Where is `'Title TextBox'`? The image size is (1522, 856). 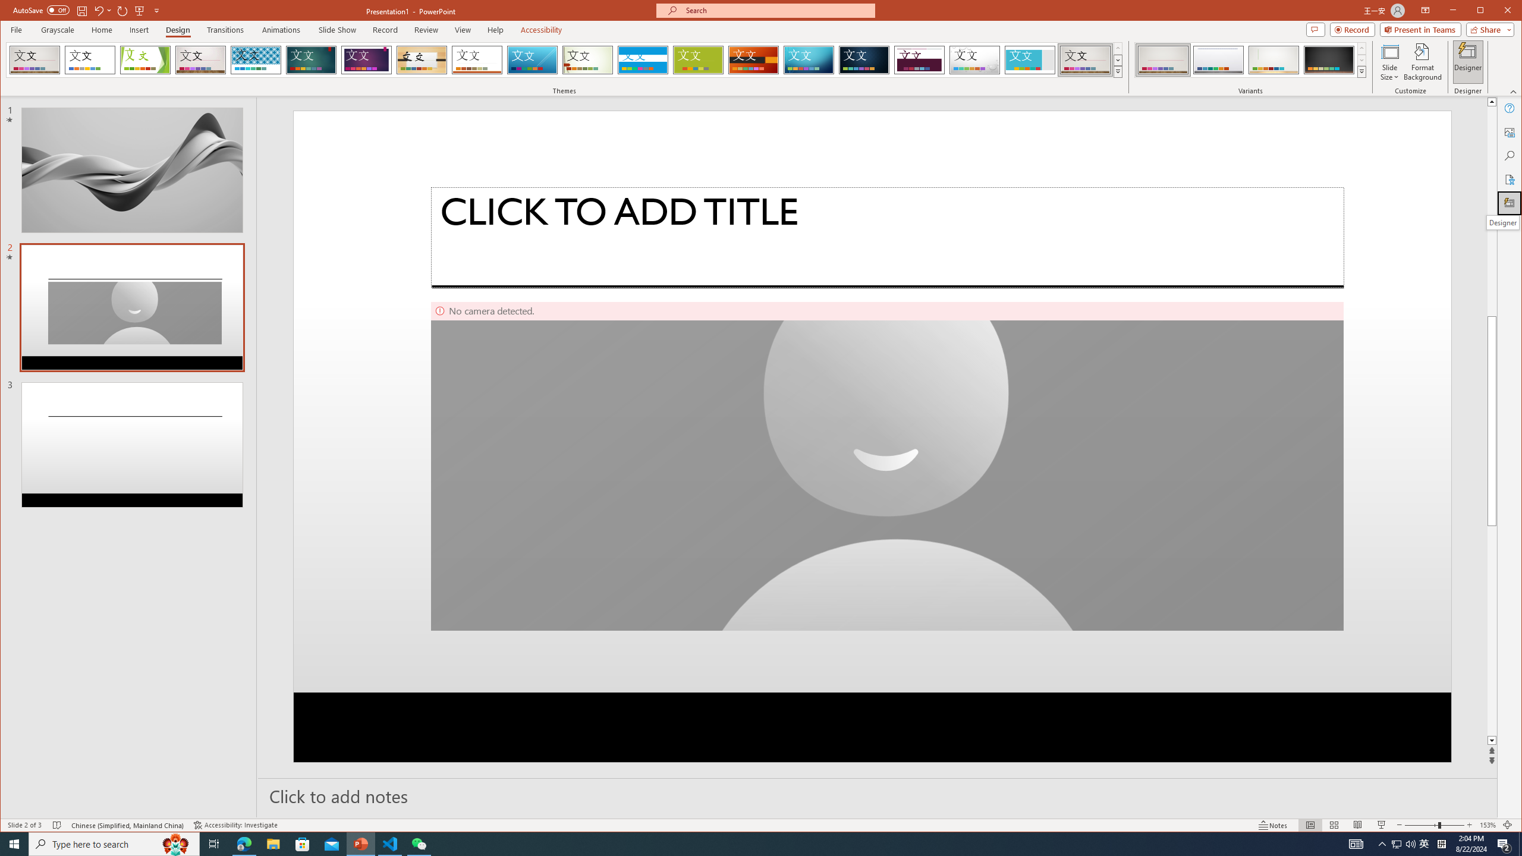 'Title TextBox' is located at coordinates (886, 237).